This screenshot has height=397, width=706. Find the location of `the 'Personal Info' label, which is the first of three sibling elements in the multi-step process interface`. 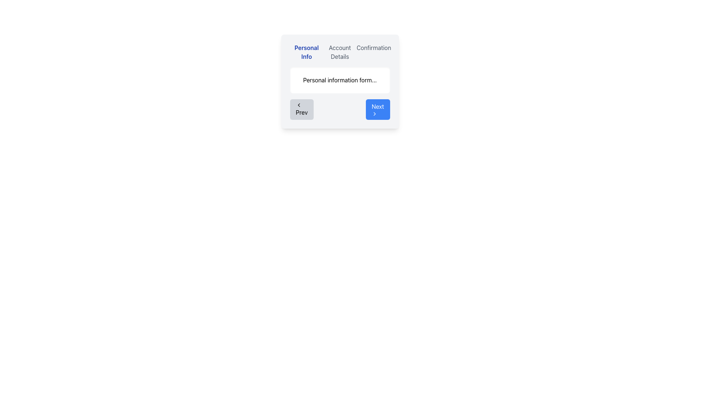

the 'Personal Info' label, which is the first of three sibling elements in the multi-step process interface is located at coordinates (306, 52).